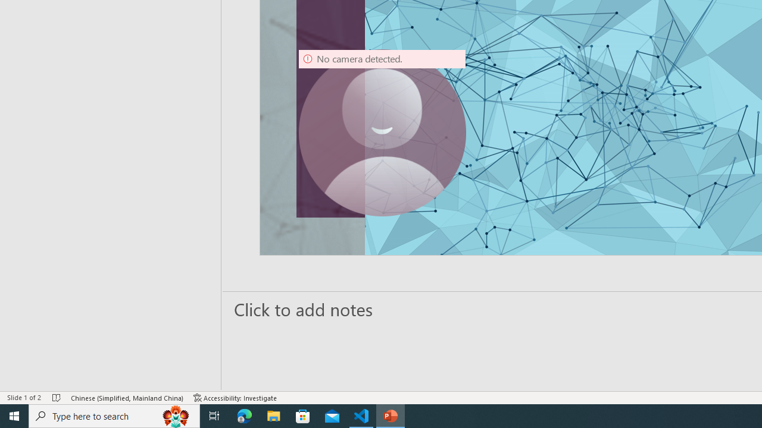  What do you see at coordinates (244, 415) in the screenshot?
I see `'Microsoft Edge'` at bounding box center [244, 415].